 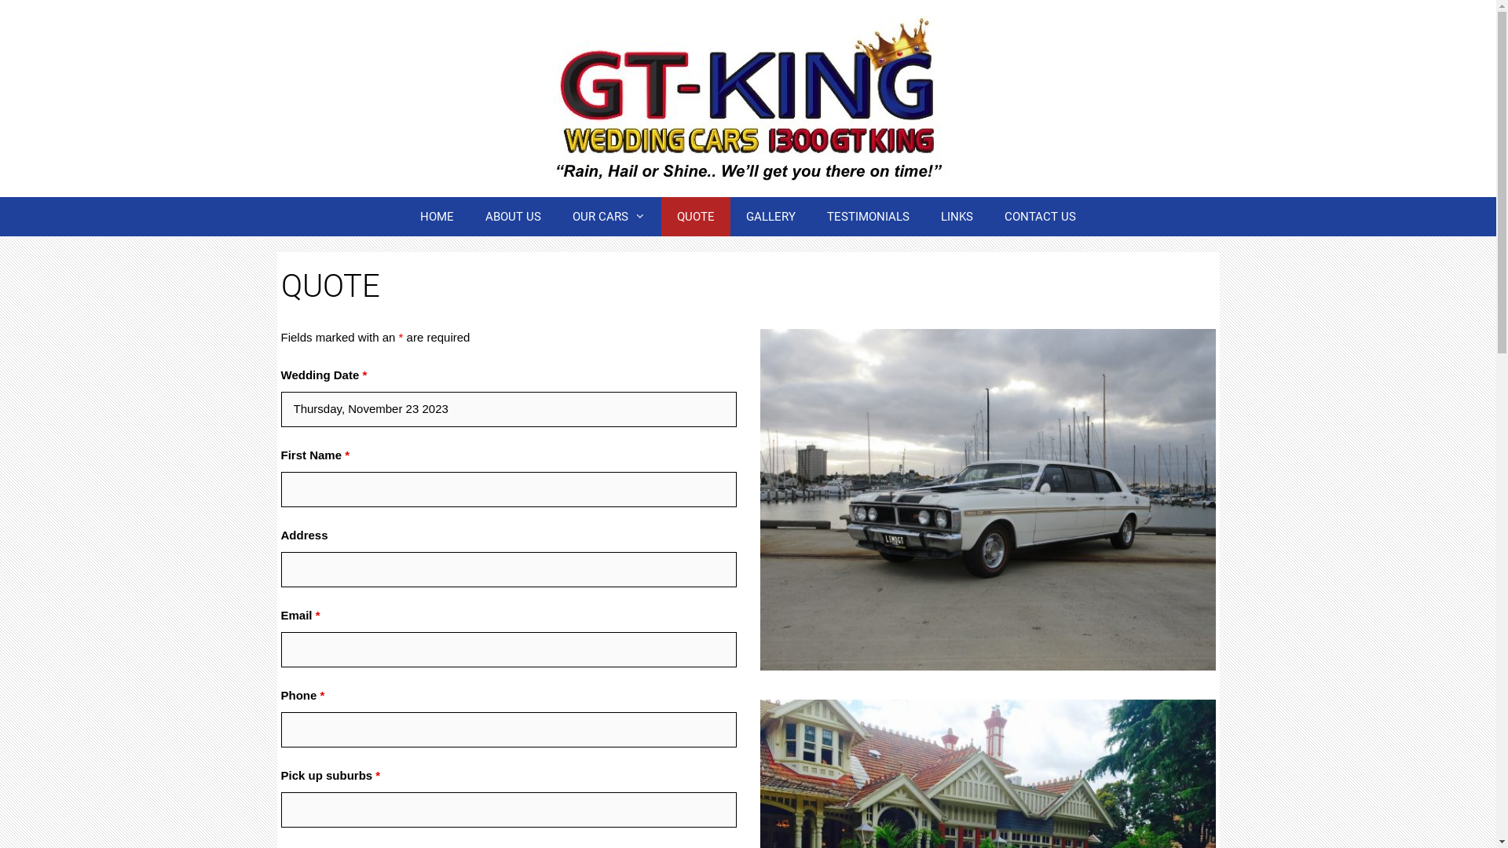 What do you see at coordinates (867, 217) in the screenshot?
I see `'TESTIMONIALS'` at bounding box center [867, 217].